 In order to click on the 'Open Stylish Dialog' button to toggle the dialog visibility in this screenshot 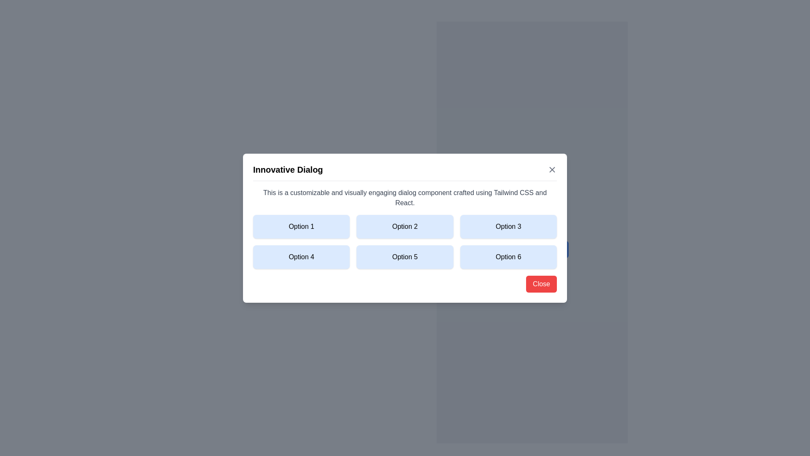, I will do `click(532, 249)`.